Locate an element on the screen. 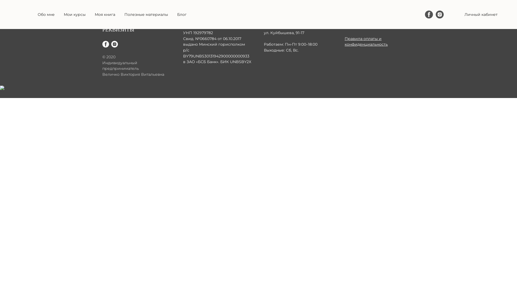 The height and width of the screenshot is (290, 517). '+375 296 824 211' is located at coordinates (483, 13).